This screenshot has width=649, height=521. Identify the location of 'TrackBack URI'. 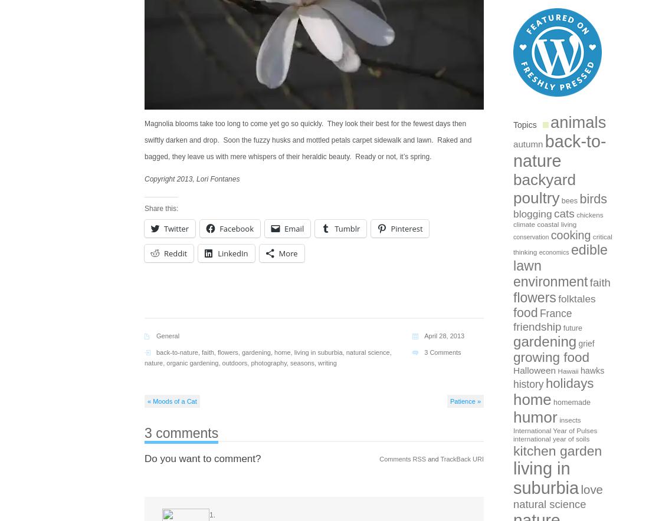
(461, 458).